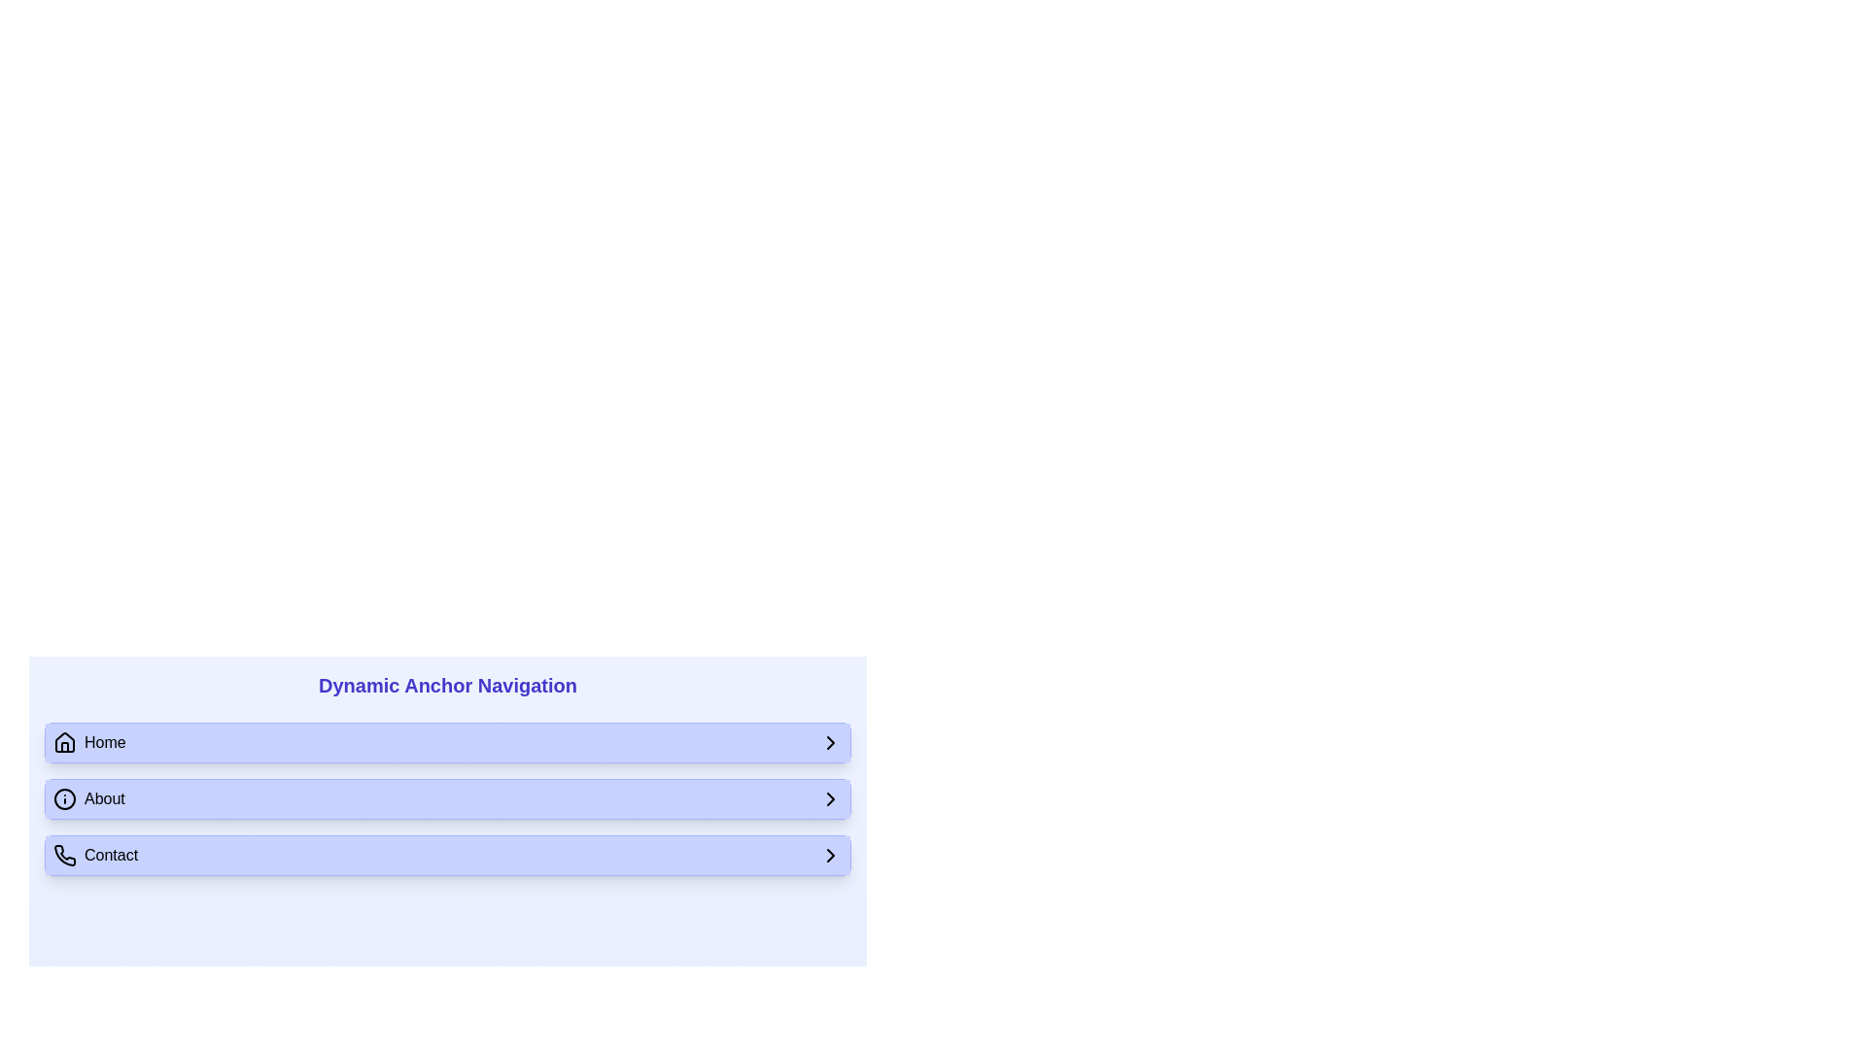 This screenshot has width=1866, height=1049. What do you see at coordinates (830, 854) in the screenshot?
I see `the right-facing chevron icon that indicates navigation or expansion, located at the far-right end of the row containing the text 'Contact' and an adjacent phone icon` at bounding box center [830, 854].